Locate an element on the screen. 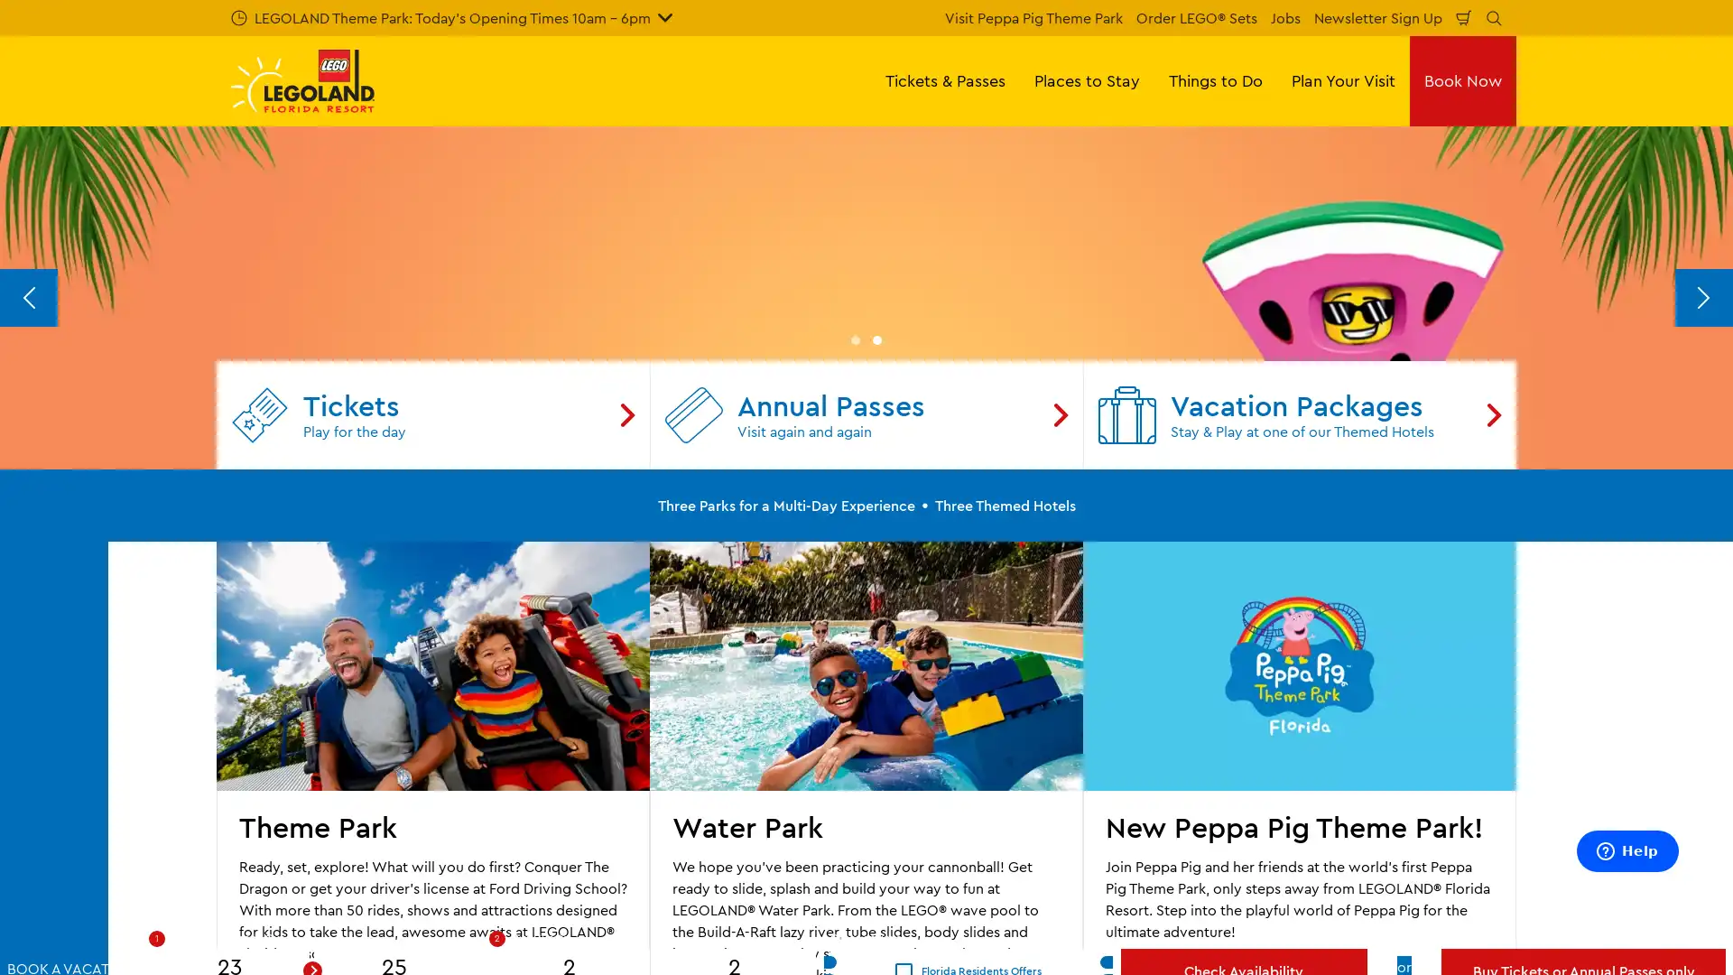  LEGOLAND Theme Park: Today's Opening Times 10am - 6pm is located at coordinates (451, 17).